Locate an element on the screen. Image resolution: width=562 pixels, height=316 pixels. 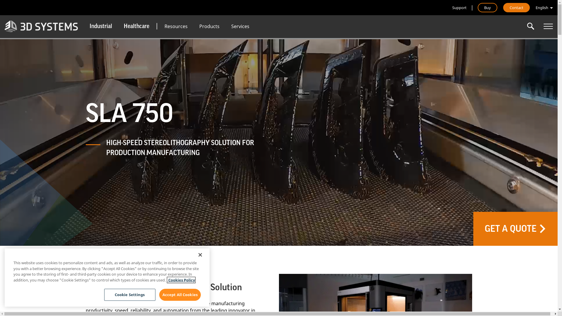
'Products' is located at coordinates (209, 26).